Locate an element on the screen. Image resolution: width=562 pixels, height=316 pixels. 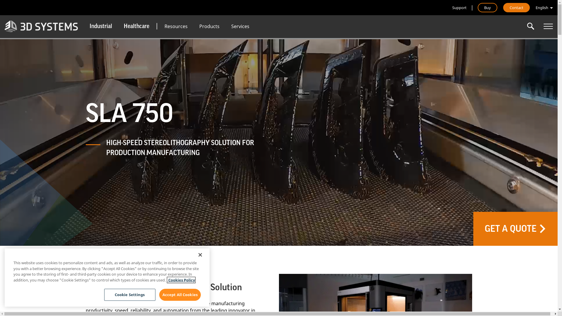
'Products' is located at coordinates (209, 26).